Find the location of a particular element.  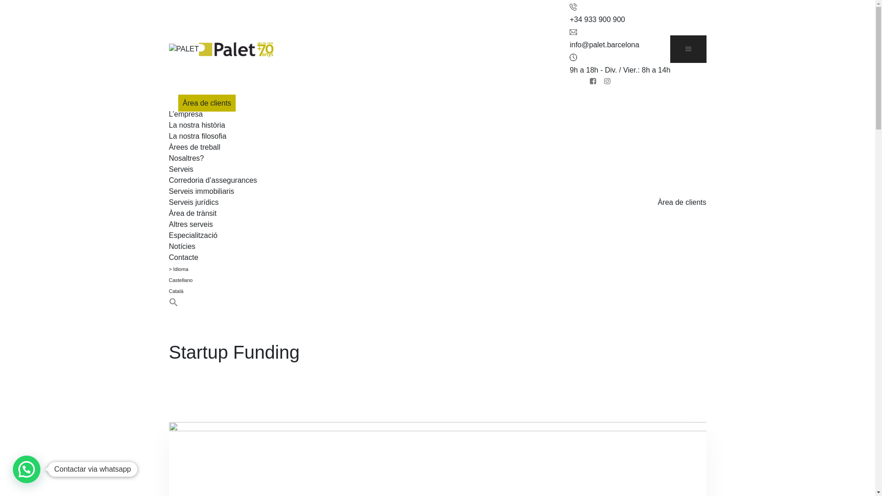

'> Idioma' is located at coordinates (179, 269).